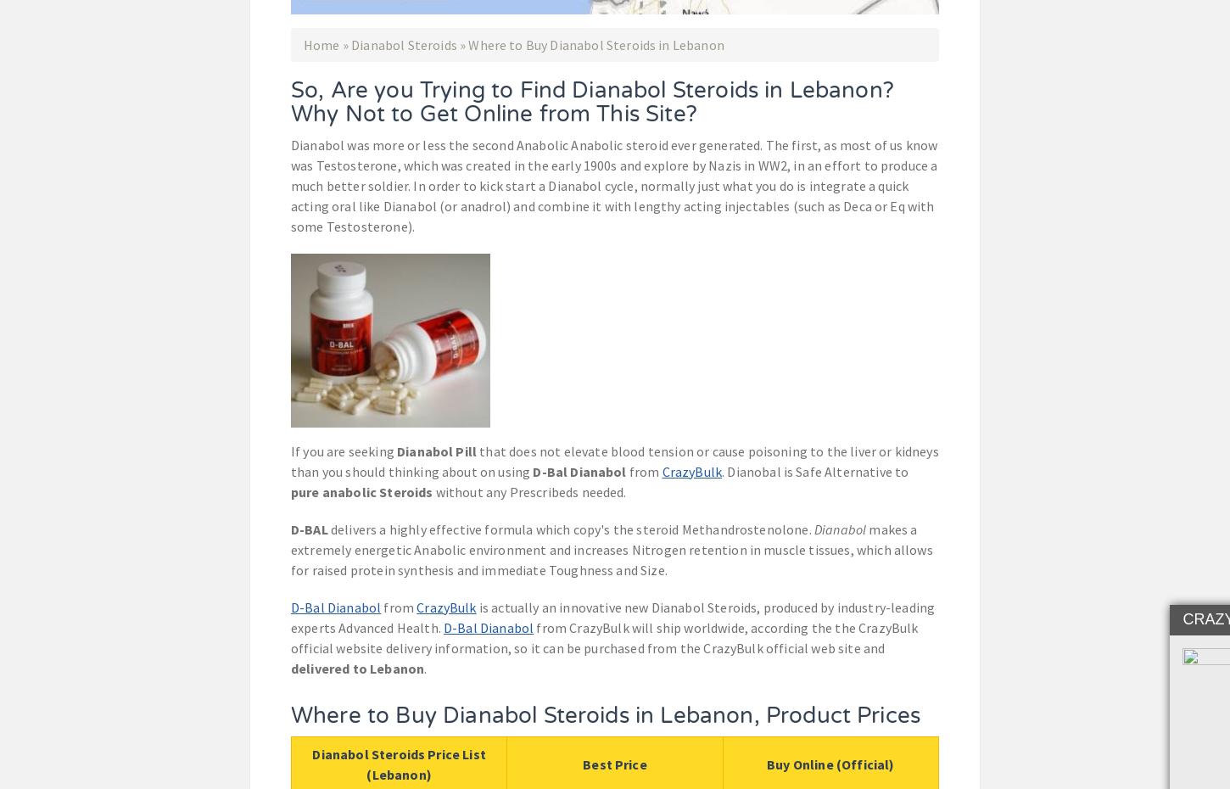 The height and width of the screenshot is (789, 1230). Describe the element at coordinates (437, 450) in the screenshot. I see `'Dianabol Pill'` at that location.